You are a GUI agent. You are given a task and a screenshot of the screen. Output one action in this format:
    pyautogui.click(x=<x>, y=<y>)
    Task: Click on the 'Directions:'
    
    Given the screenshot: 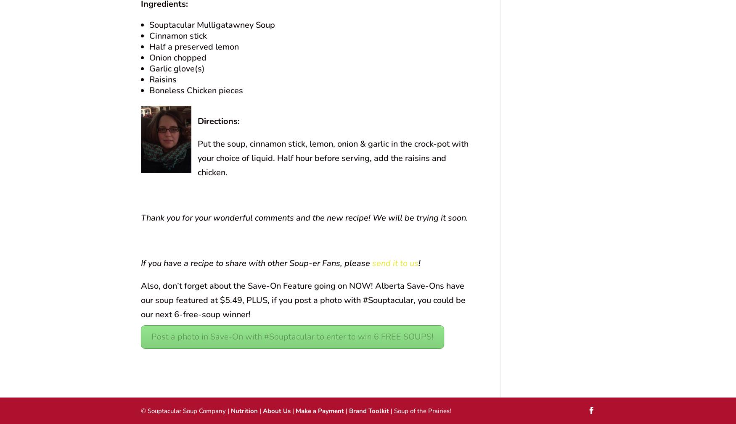 What is the action you would take?
    pyautogui.click(x=218, y=121)
    